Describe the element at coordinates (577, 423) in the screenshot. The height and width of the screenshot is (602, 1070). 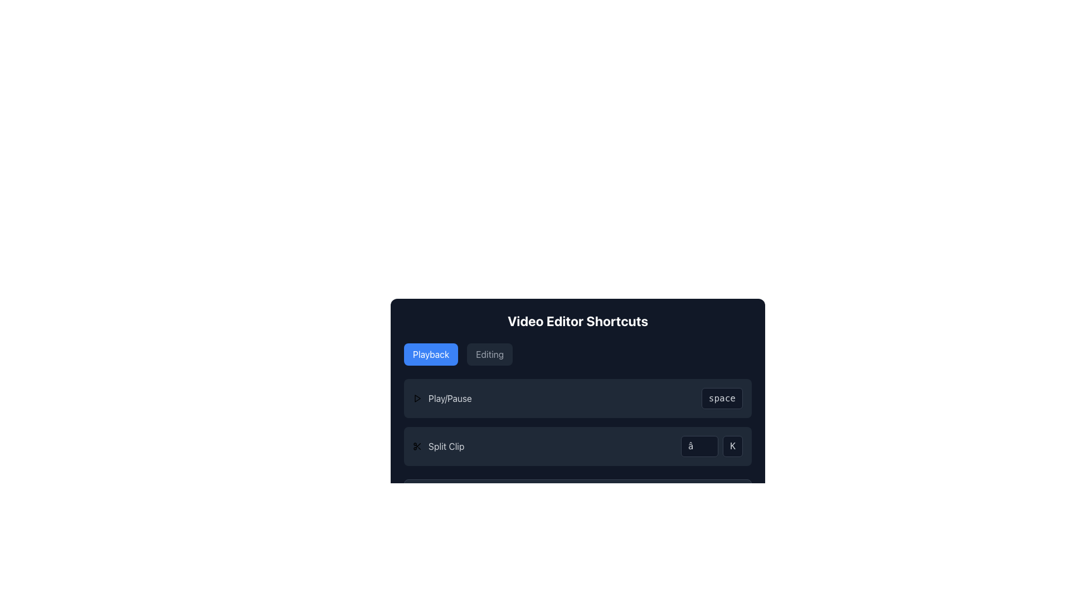
I see `the displayed shortcuts in the 'Video Editor Shortcuts' section, specifically the 'Play/Pause' and 'Split Clip' commands` at that location.